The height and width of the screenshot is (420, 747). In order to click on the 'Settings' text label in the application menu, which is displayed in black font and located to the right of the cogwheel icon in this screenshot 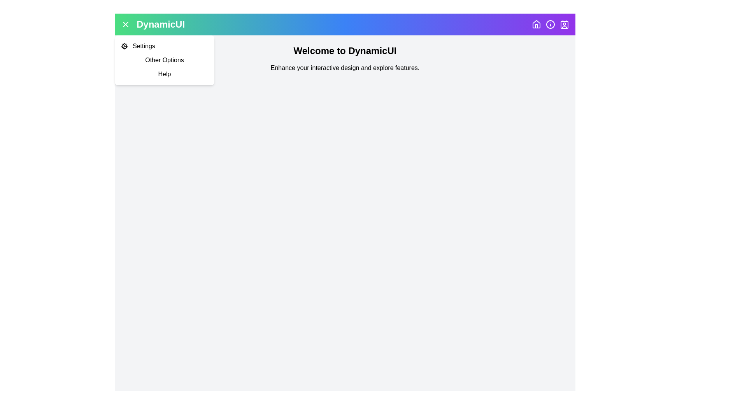, I will do `click(144, 46)`.